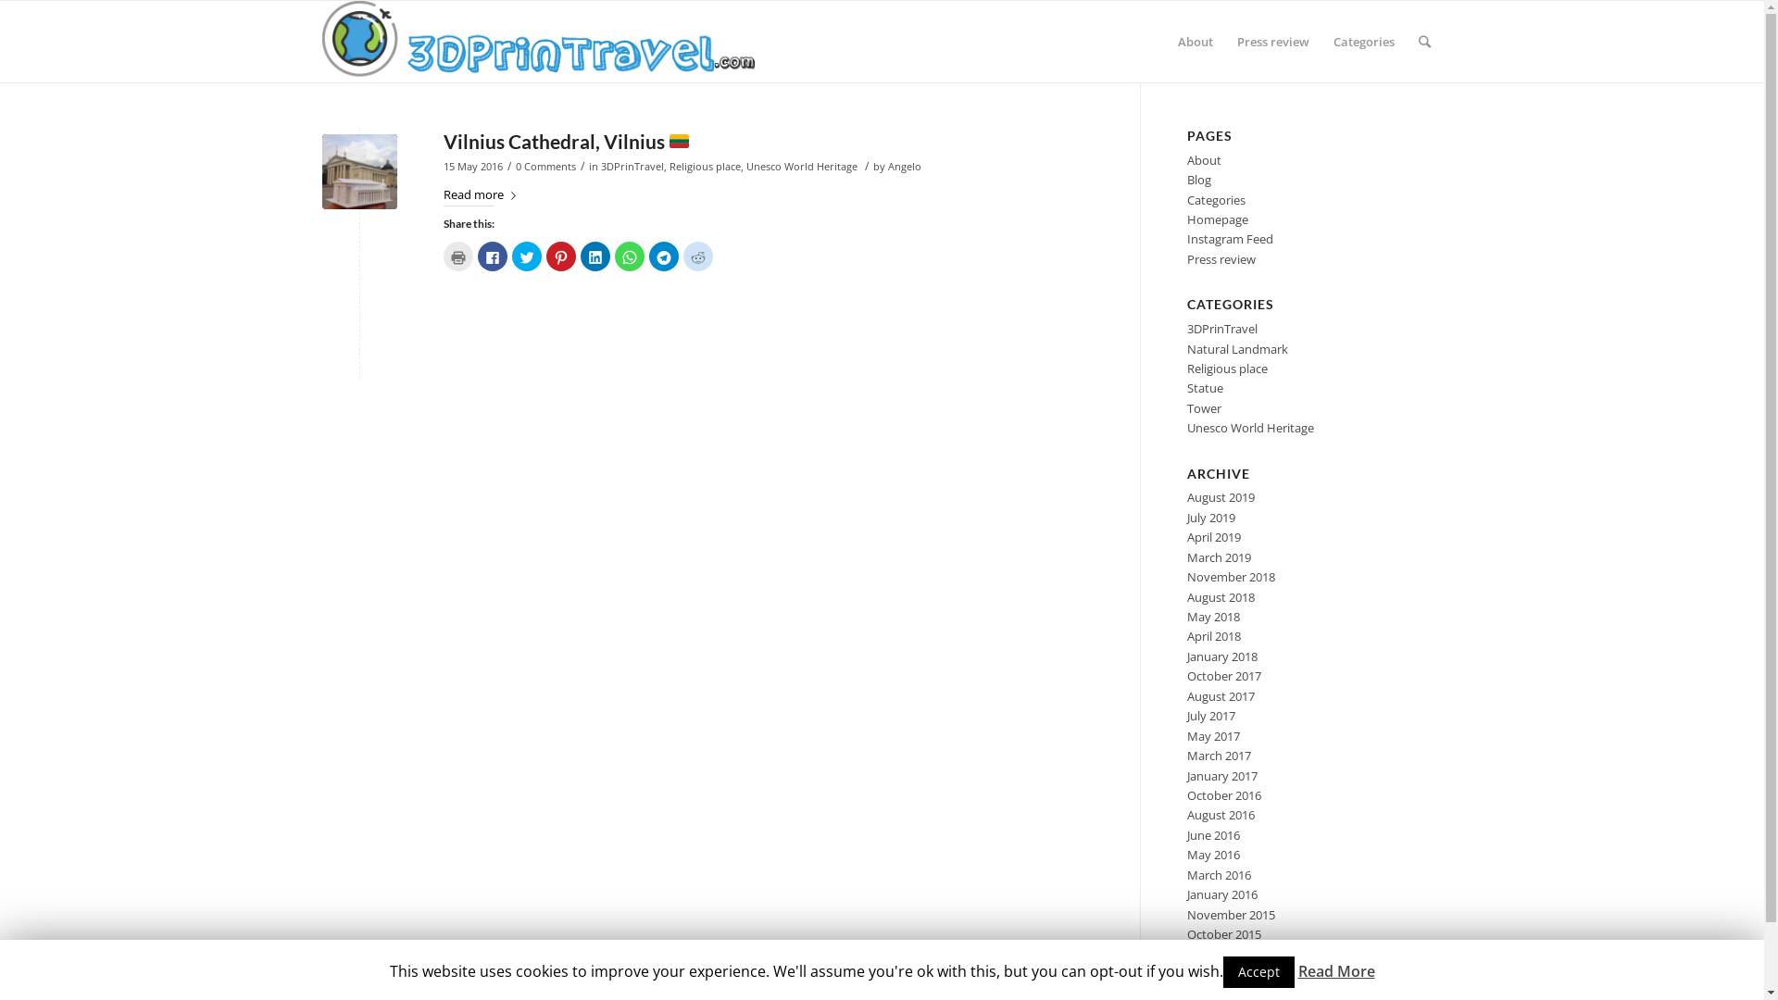 The height and width of the screenshot is (1000, 1778). I want to click on 'July 2017', so click(1211, 714).